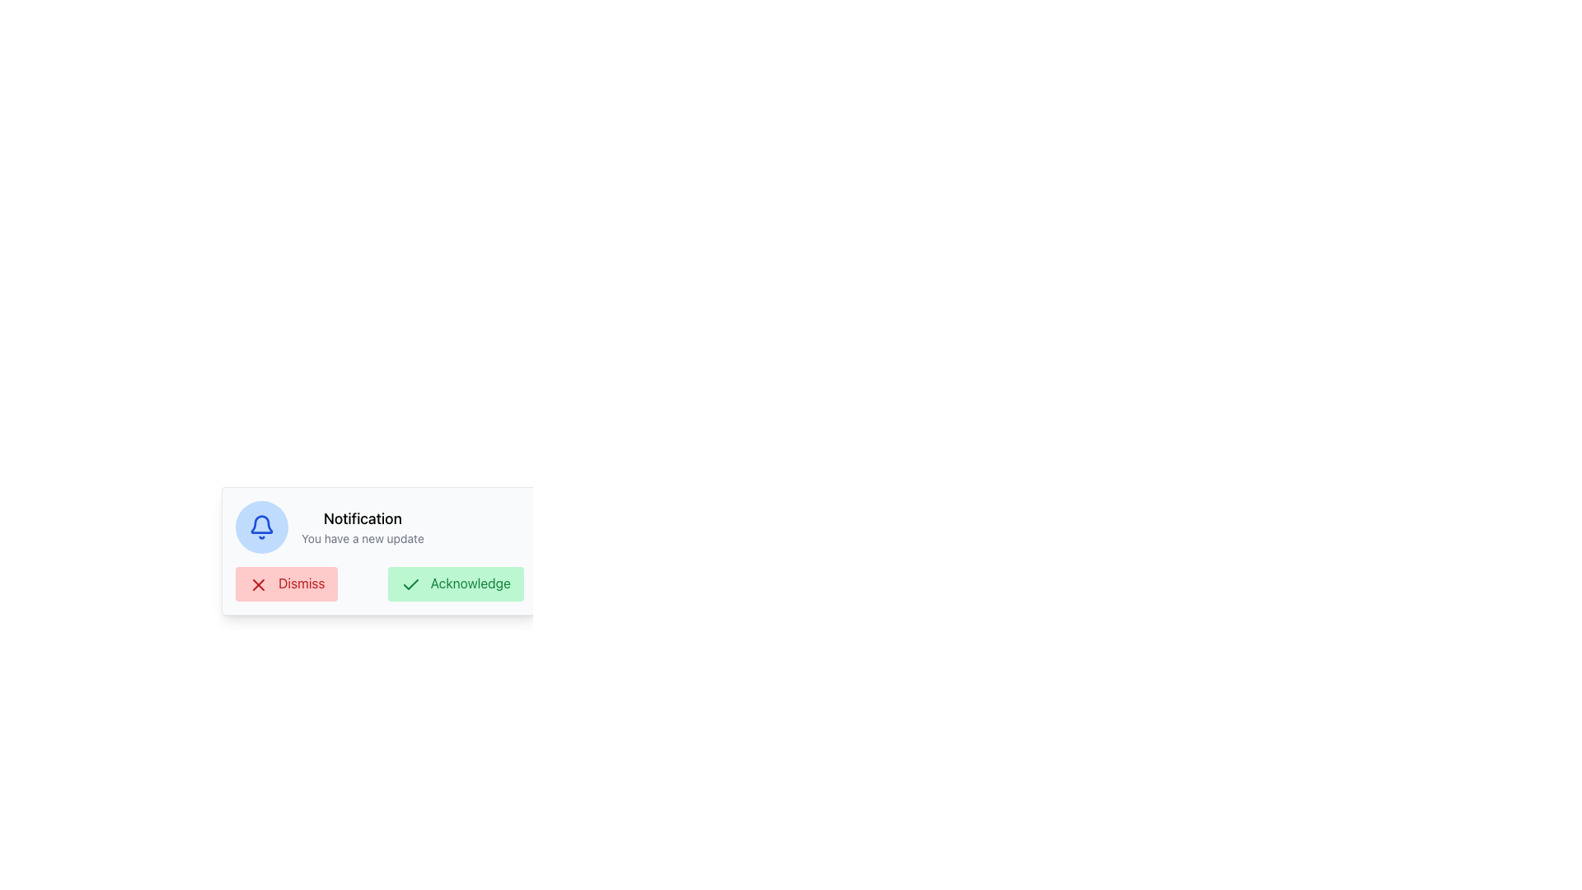  I want to click on the close icon within the 'Dismiss' button, so click(257, 583).